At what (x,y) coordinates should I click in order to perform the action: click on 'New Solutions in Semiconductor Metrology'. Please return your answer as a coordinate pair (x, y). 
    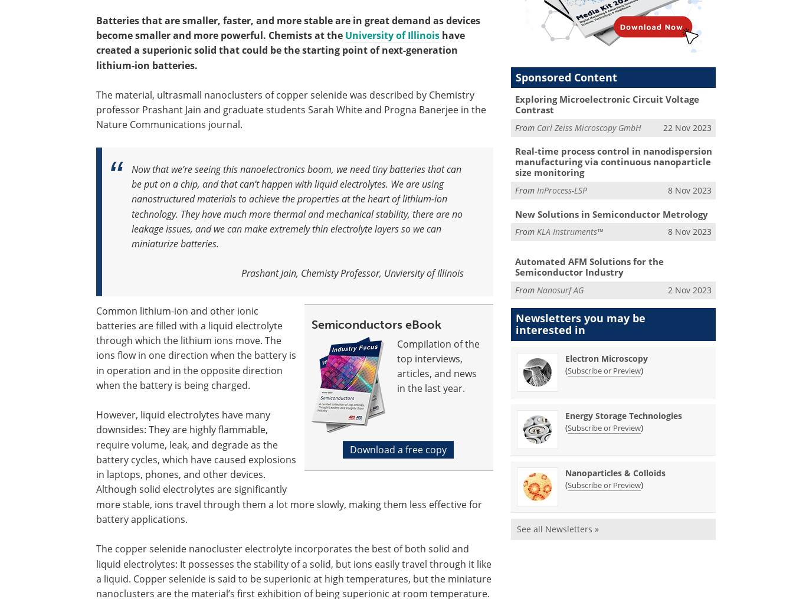
    Looking at the image, I should click on (610, 213).